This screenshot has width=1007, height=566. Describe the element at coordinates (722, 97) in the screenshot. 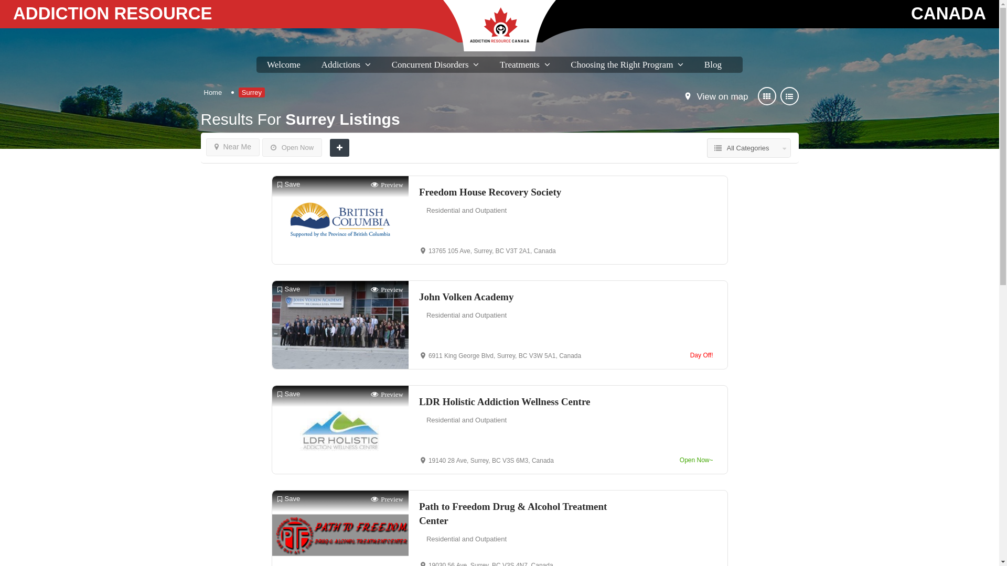

I see `'View on map'` at that location.